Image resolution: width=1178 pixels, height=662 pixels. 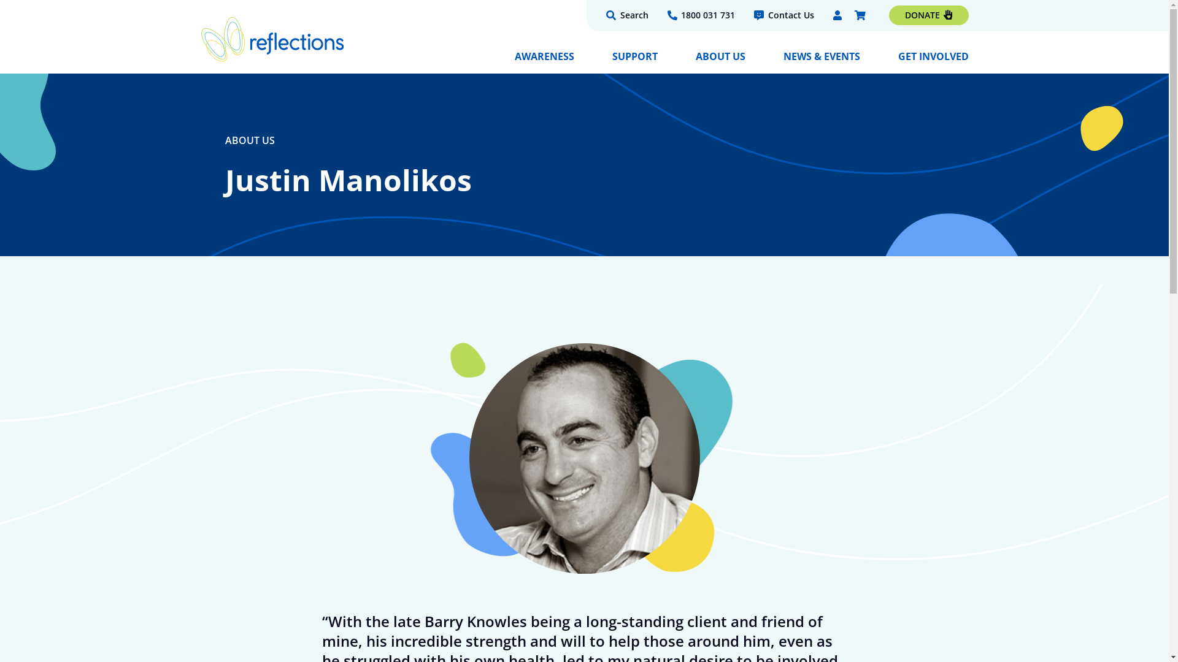 I want to click on 'Search', so click(x=627, y=15).